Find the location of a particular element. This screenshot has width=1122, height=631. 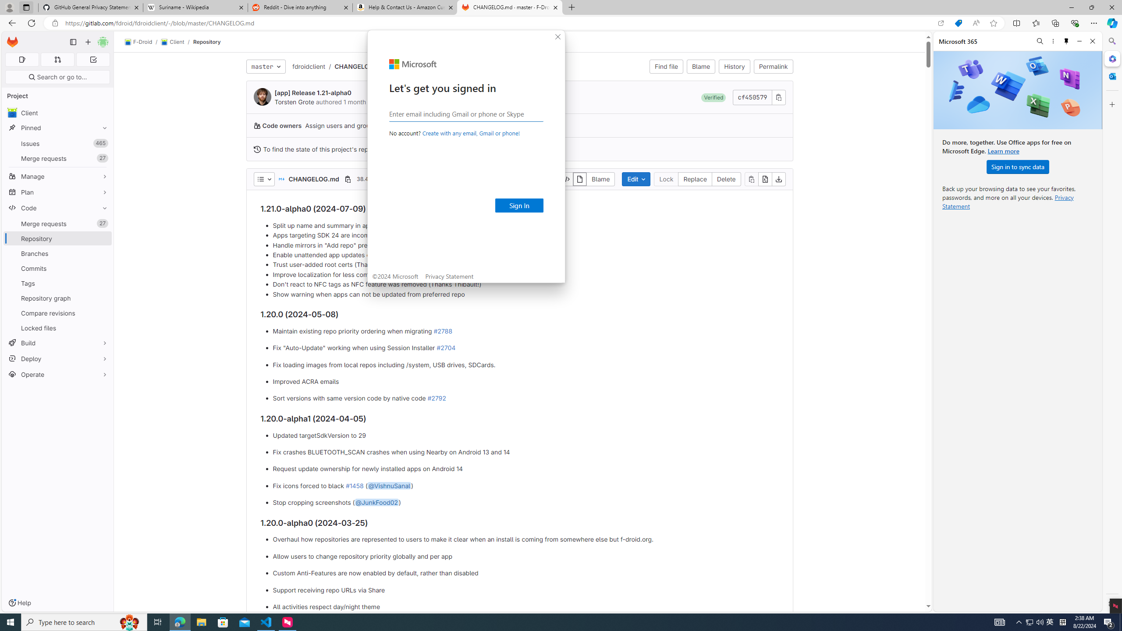

'Sort versions with same version code by native code #2792' is located at coordinates (525, 398).